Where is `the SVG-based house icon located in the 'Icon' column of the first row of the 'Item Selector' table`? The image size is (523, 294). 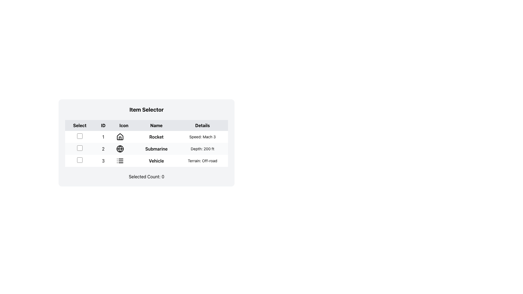 the SVG-based house icon located in the 'Icon' column of the first row of the 'Item Selector' table is located at coordinates (120, 136).